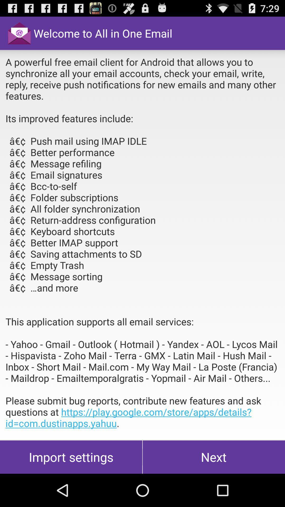 This screenshot has width=285, height=507. What do you see at coordinates (214, 457) in the screenshot?
I see `the next item` at bounding box center [214, 457].